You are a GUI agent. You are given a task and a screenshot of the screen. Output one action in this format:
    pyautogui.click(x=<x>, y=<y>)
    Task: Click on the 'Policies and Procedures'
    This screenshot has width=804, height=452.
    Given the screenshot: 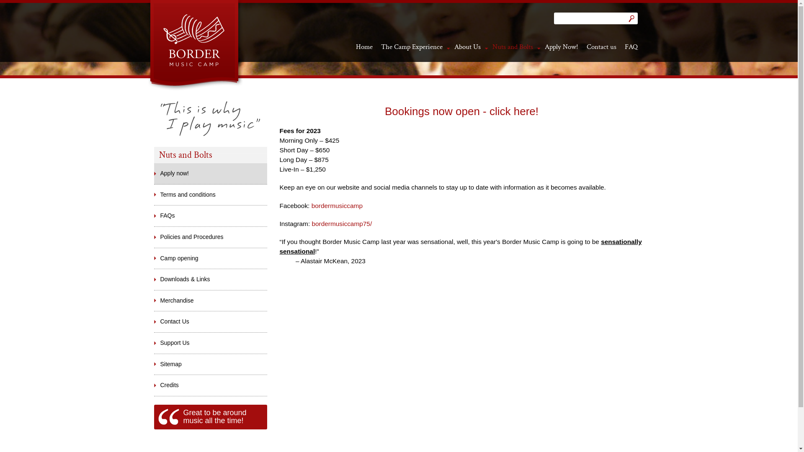 What is the action you would take?
    pyautogui.click(x=154, y=237)
    